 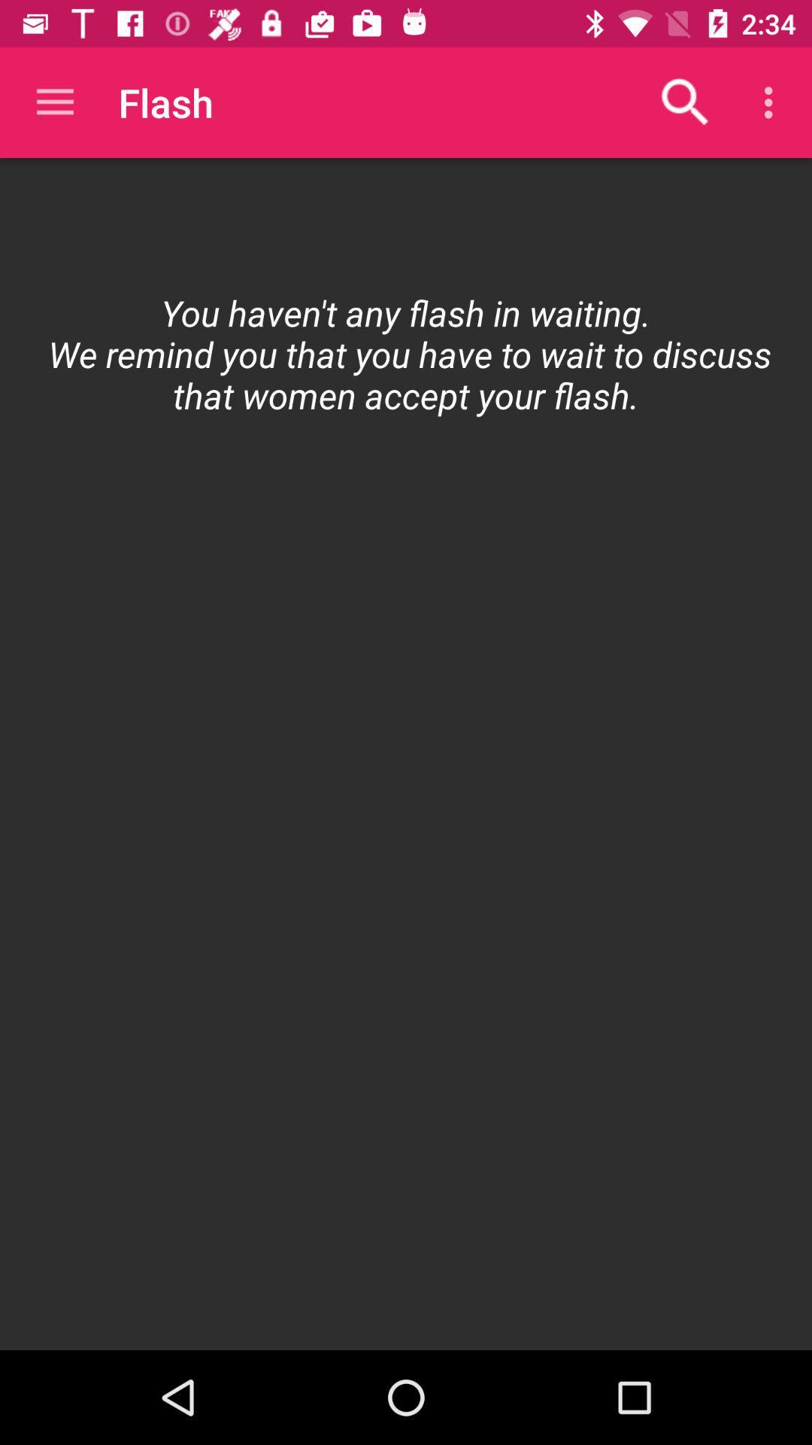 I want to click on icon next to the flash icon, so click(x=54, y=102).